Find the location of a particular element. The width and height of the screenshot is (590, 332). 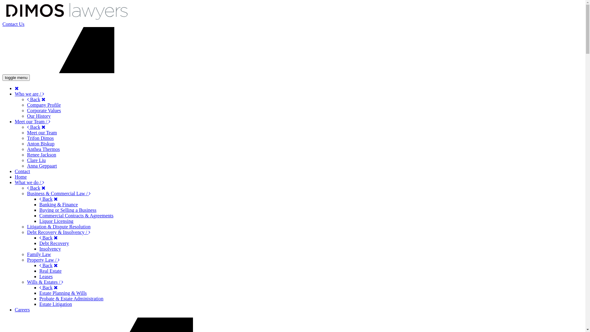

'Corporate Values' is located at coordinates (44, 110).